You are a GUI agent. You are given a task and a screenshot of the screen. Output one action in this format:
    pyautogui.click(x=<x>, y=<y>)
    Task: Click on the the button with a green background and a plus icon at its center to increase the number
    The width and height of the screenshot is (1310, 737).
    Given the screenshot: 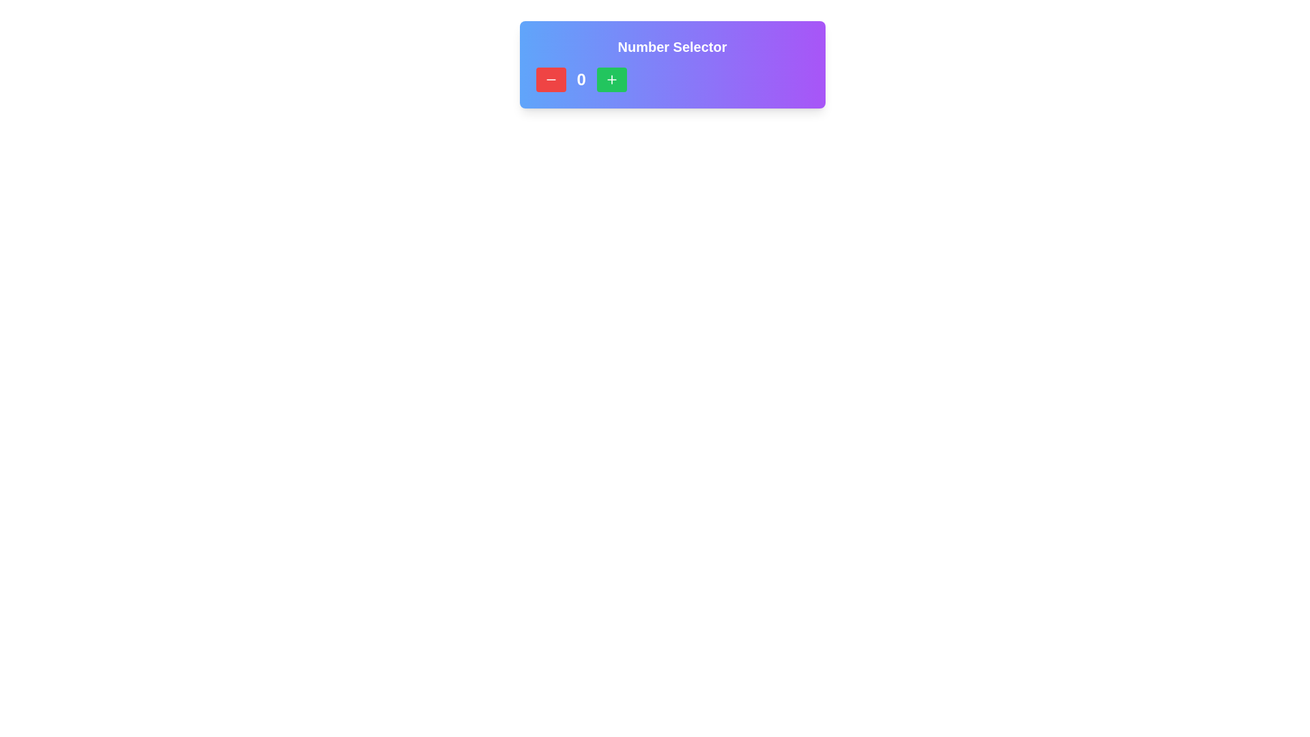 What is the action you would take?
    pyautogui.click(x=611, y=79)
    